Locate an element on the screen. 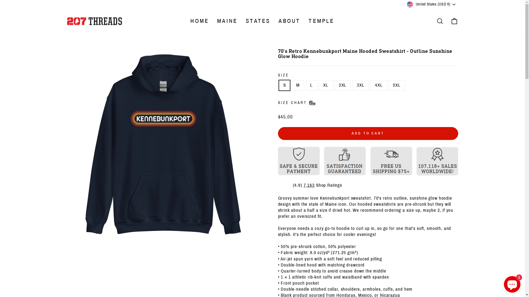  'ABOUT' is located at coordinates (274, 21).